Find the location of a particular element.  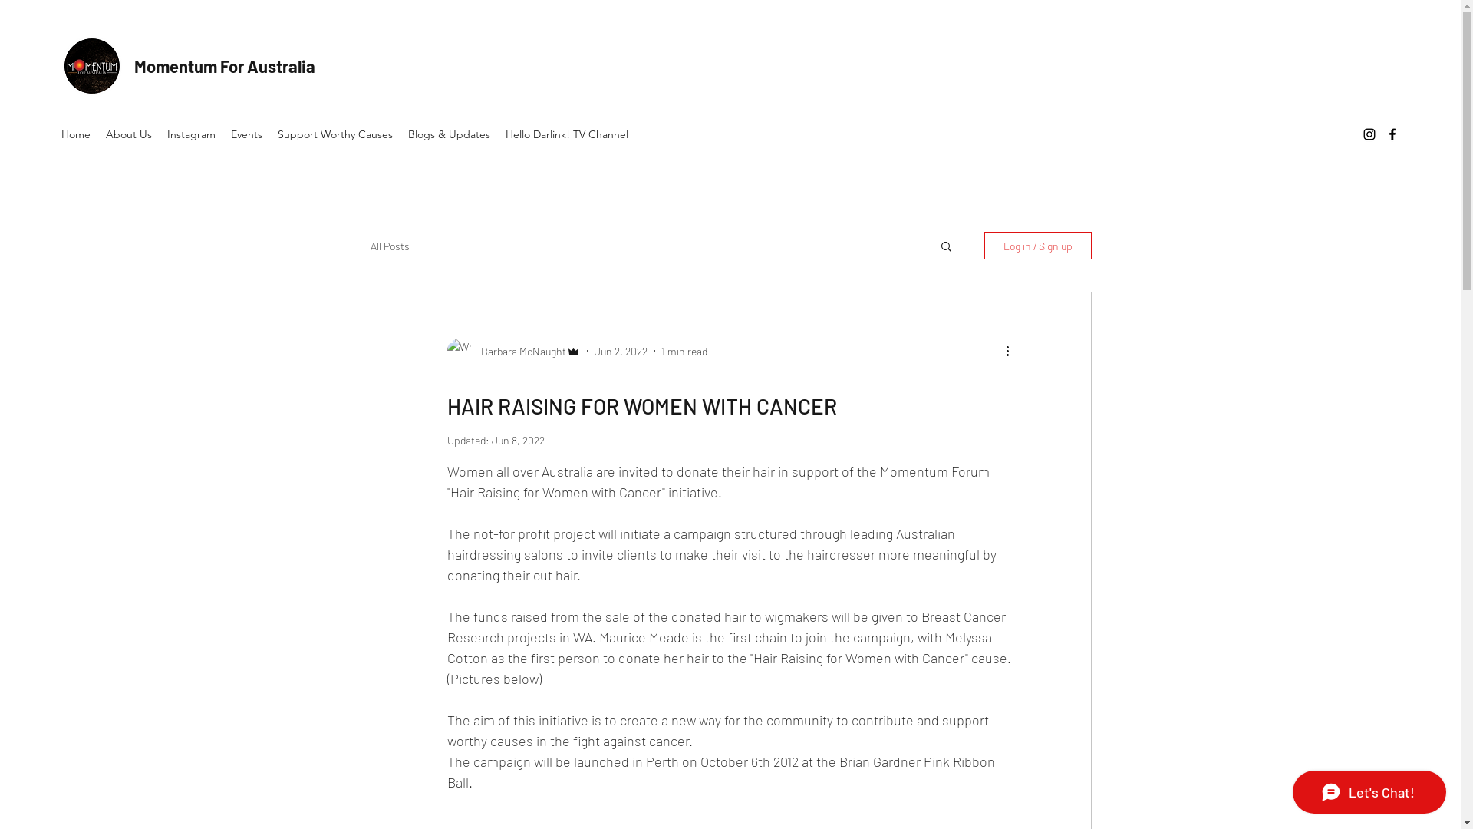

'Hello Darlink! TV Channel' is located at coordinates (566, 133).